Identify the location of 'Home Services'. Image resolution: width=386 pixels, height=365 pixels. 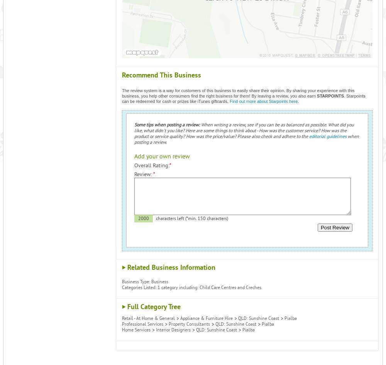
(122, 330).